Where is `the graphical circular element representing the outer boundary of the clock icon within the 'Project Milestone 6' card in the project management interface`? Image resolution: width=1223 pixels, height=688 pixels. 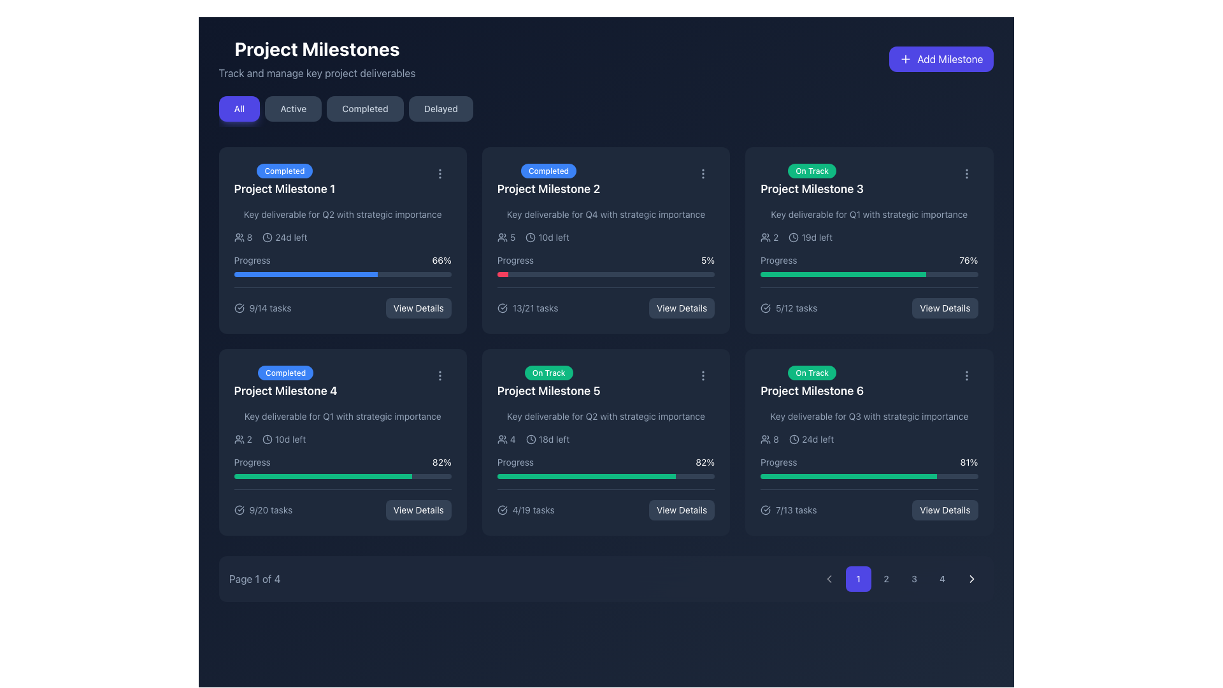
the graphical circular element representing the outer boundary of the clock icon within the 'Project Milestone 6' card in the project management interface is located at coordinates (794, 439).